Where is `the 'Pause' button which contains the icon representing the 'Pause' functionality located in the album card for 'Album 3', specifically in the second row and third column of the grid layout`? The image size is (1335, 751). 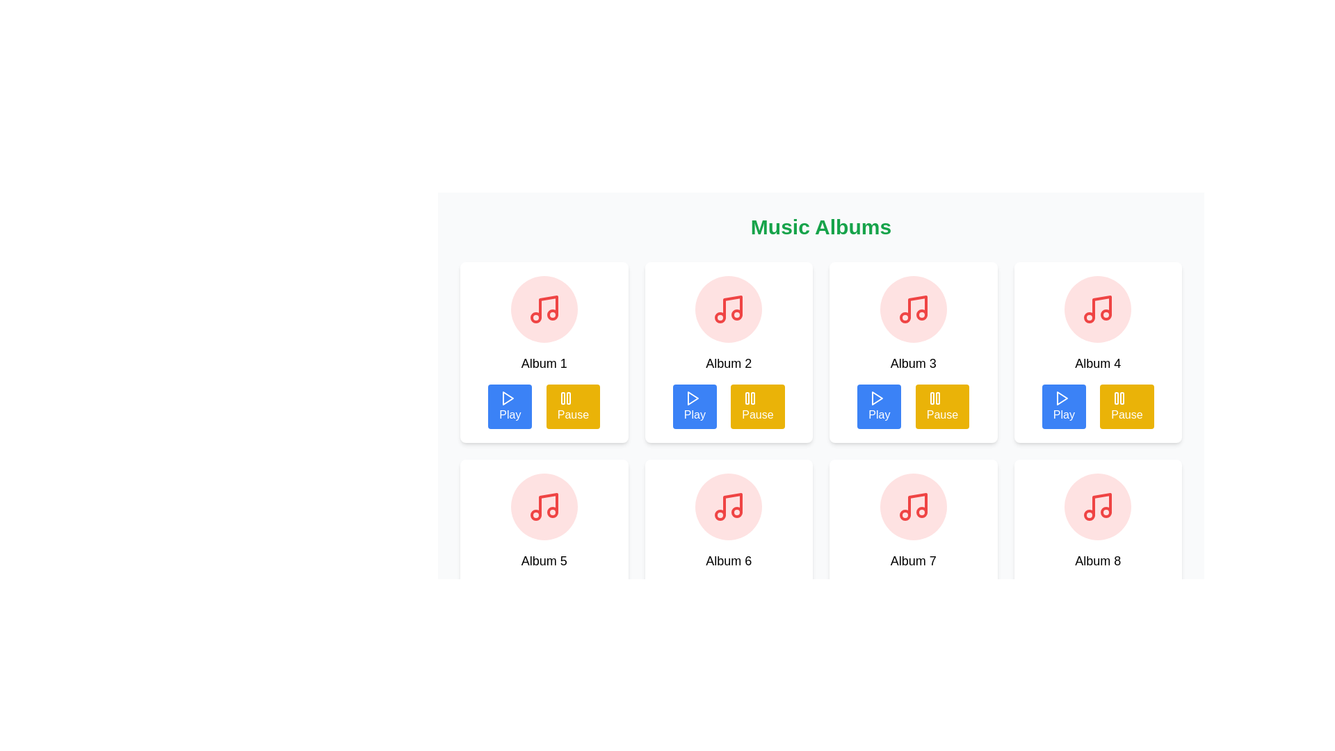
the 'Pause' button which contains the icon representing the 'Pause' functionality located in the album card for 'Album 3', specifically in the second row and third column of the grid layout is located at coordinates (934, 398).